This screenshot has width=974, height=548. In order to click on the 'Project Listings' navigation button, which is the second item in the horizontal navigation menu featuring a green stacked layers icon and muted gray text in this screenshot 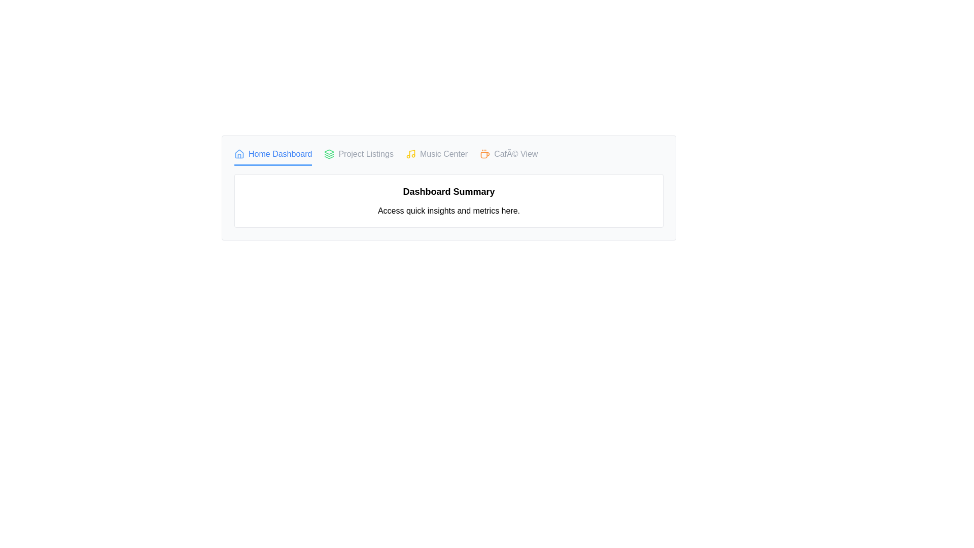, I will do `click(359, 157)`.